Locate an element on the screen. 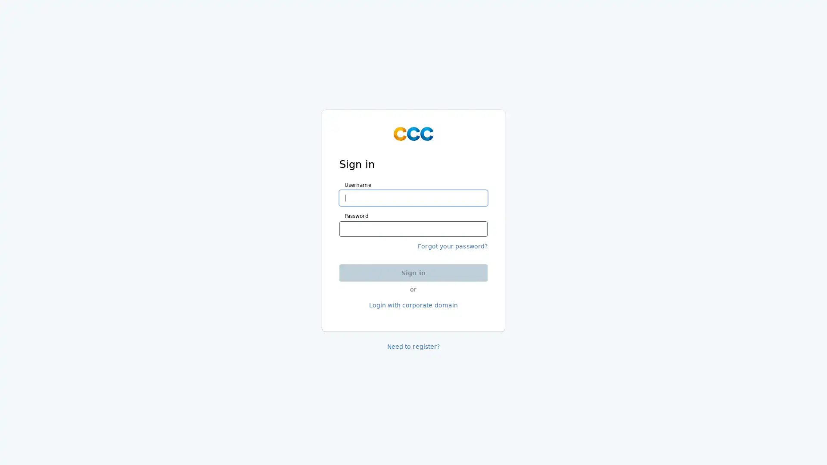  Login with corporate domain is located at coordinates (413, 305).